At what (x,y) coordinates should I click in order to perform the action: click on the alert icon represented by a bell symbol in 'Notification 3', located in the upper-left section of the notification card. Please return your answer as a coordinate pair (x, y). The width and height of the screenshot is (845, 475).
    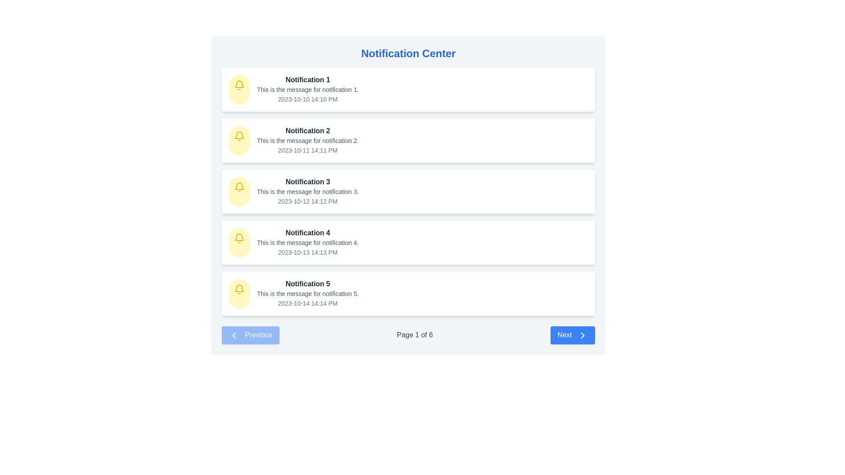
    Looking at the image, I should click on (239, 191).